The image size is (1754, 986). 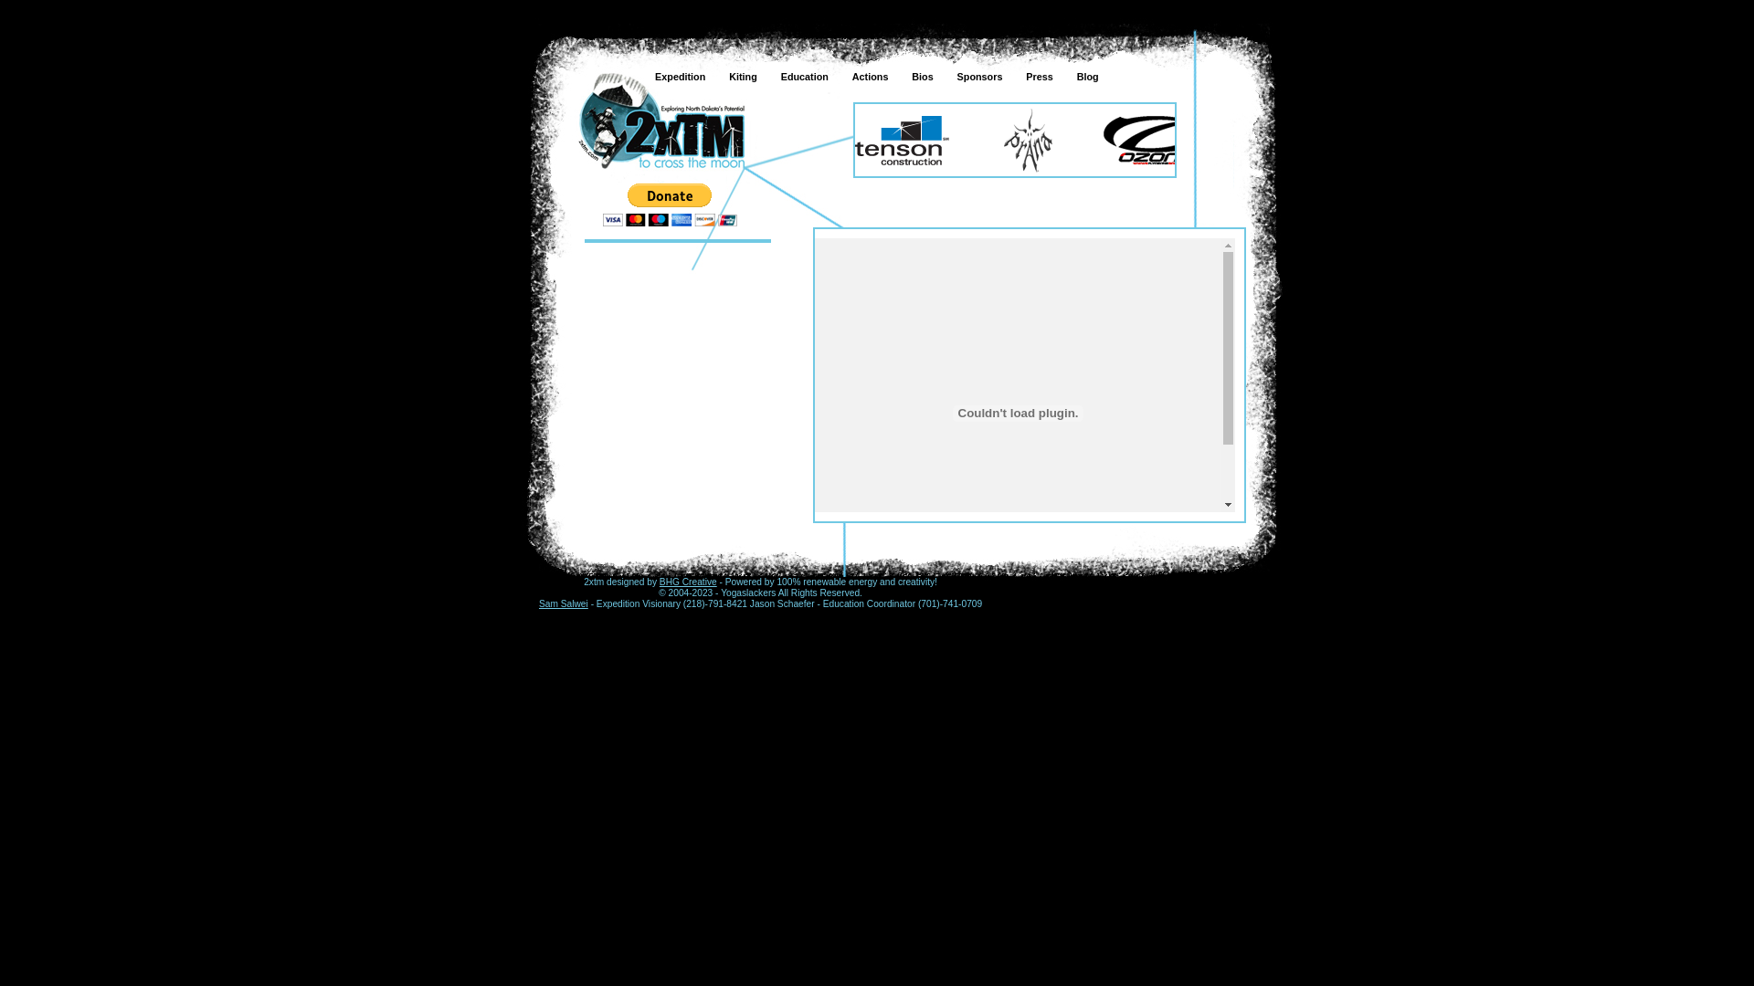 What do you see at coordinates (802, 76) in the screenshot?
I see `'Education'` at bounding box center [802, 76].